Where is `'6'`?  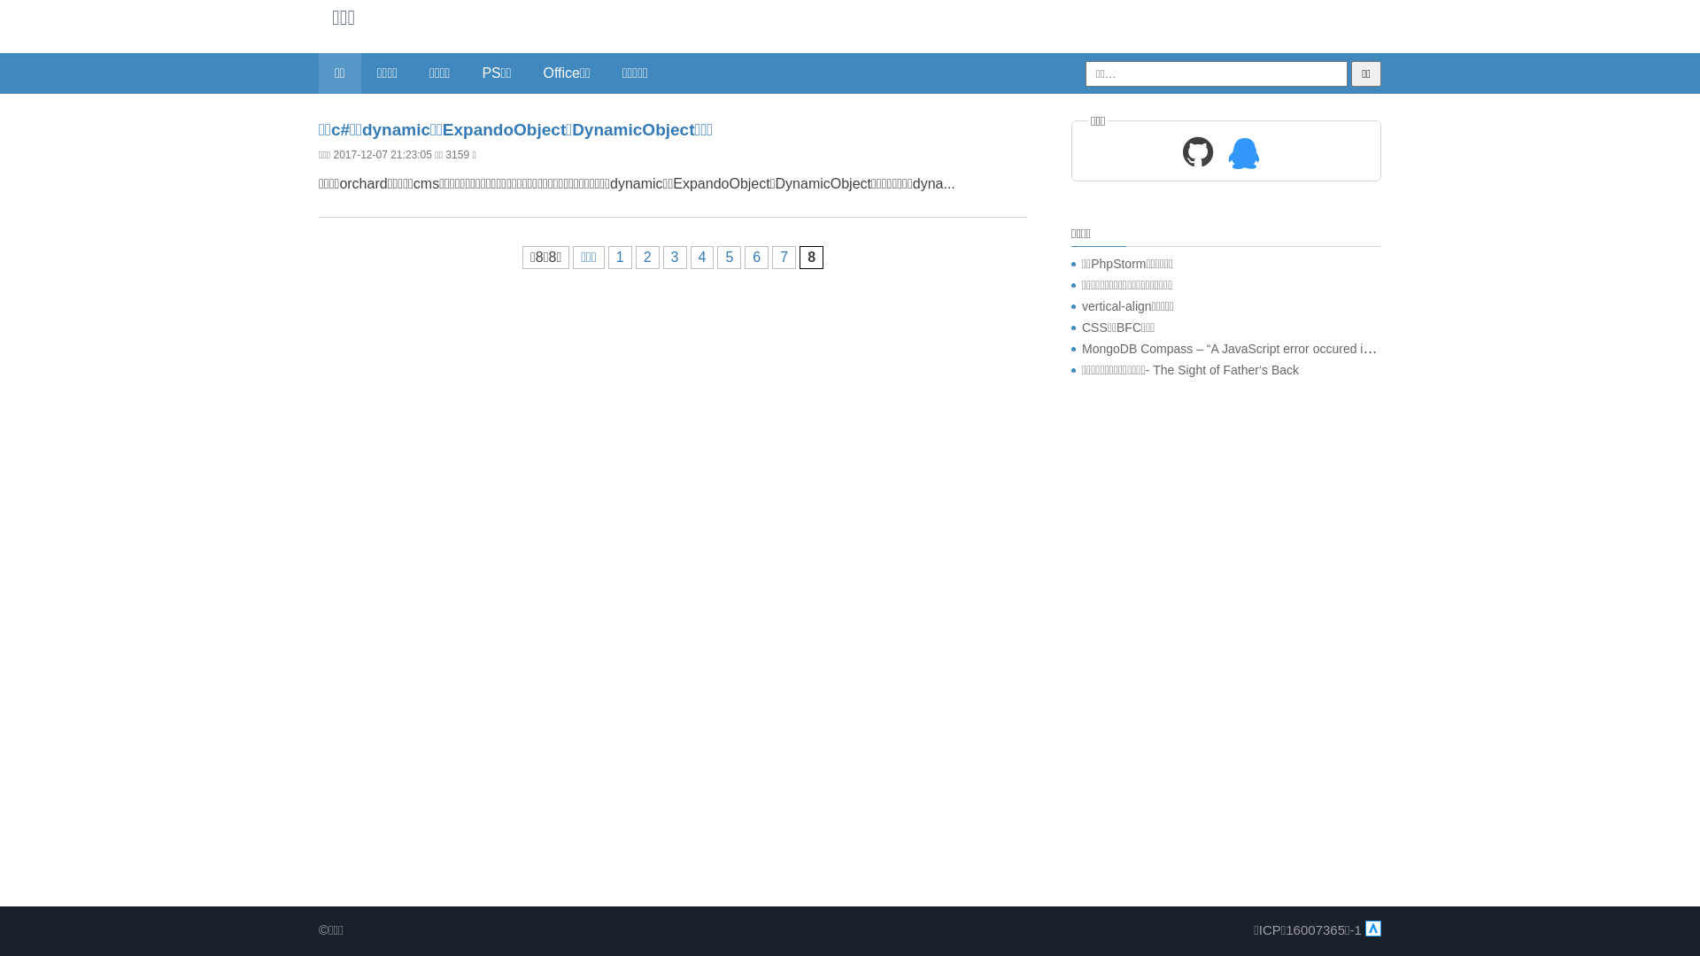 '6' is located at coordinates (756, 257).